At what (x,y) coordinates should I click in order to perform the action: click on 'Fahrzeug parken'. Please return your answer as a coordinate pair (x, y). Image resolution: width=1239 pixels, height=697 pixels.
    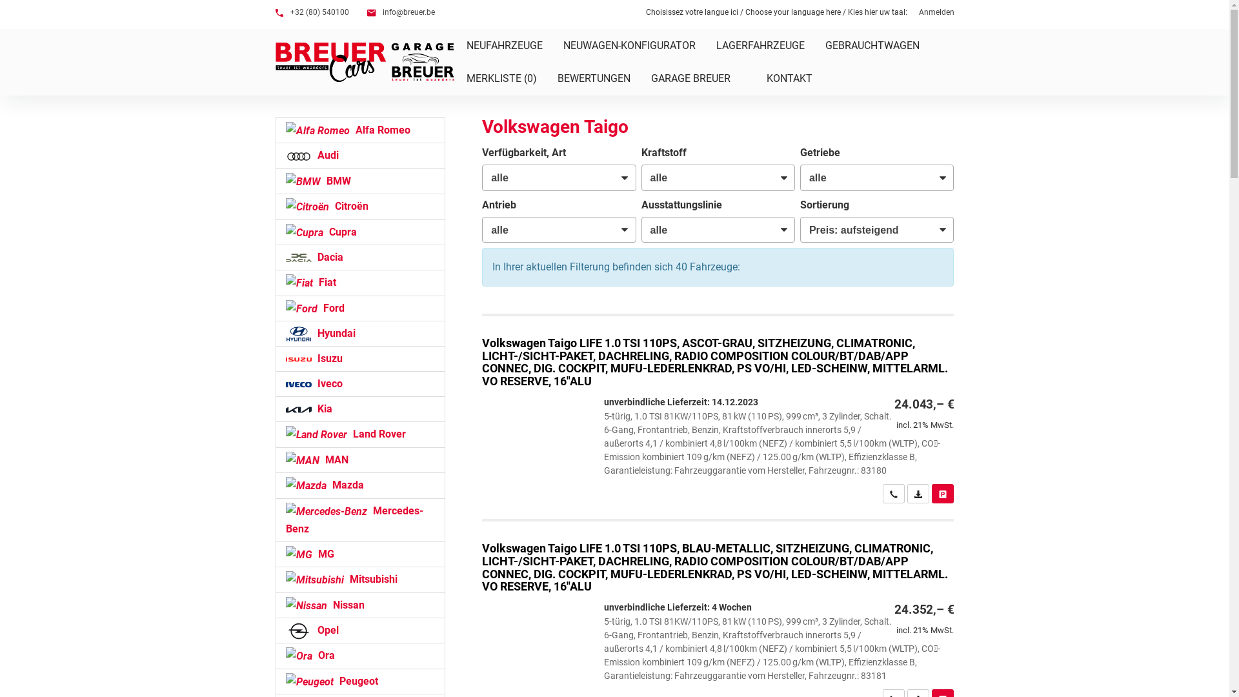
    Looking at the image, I should click on (942, 493).